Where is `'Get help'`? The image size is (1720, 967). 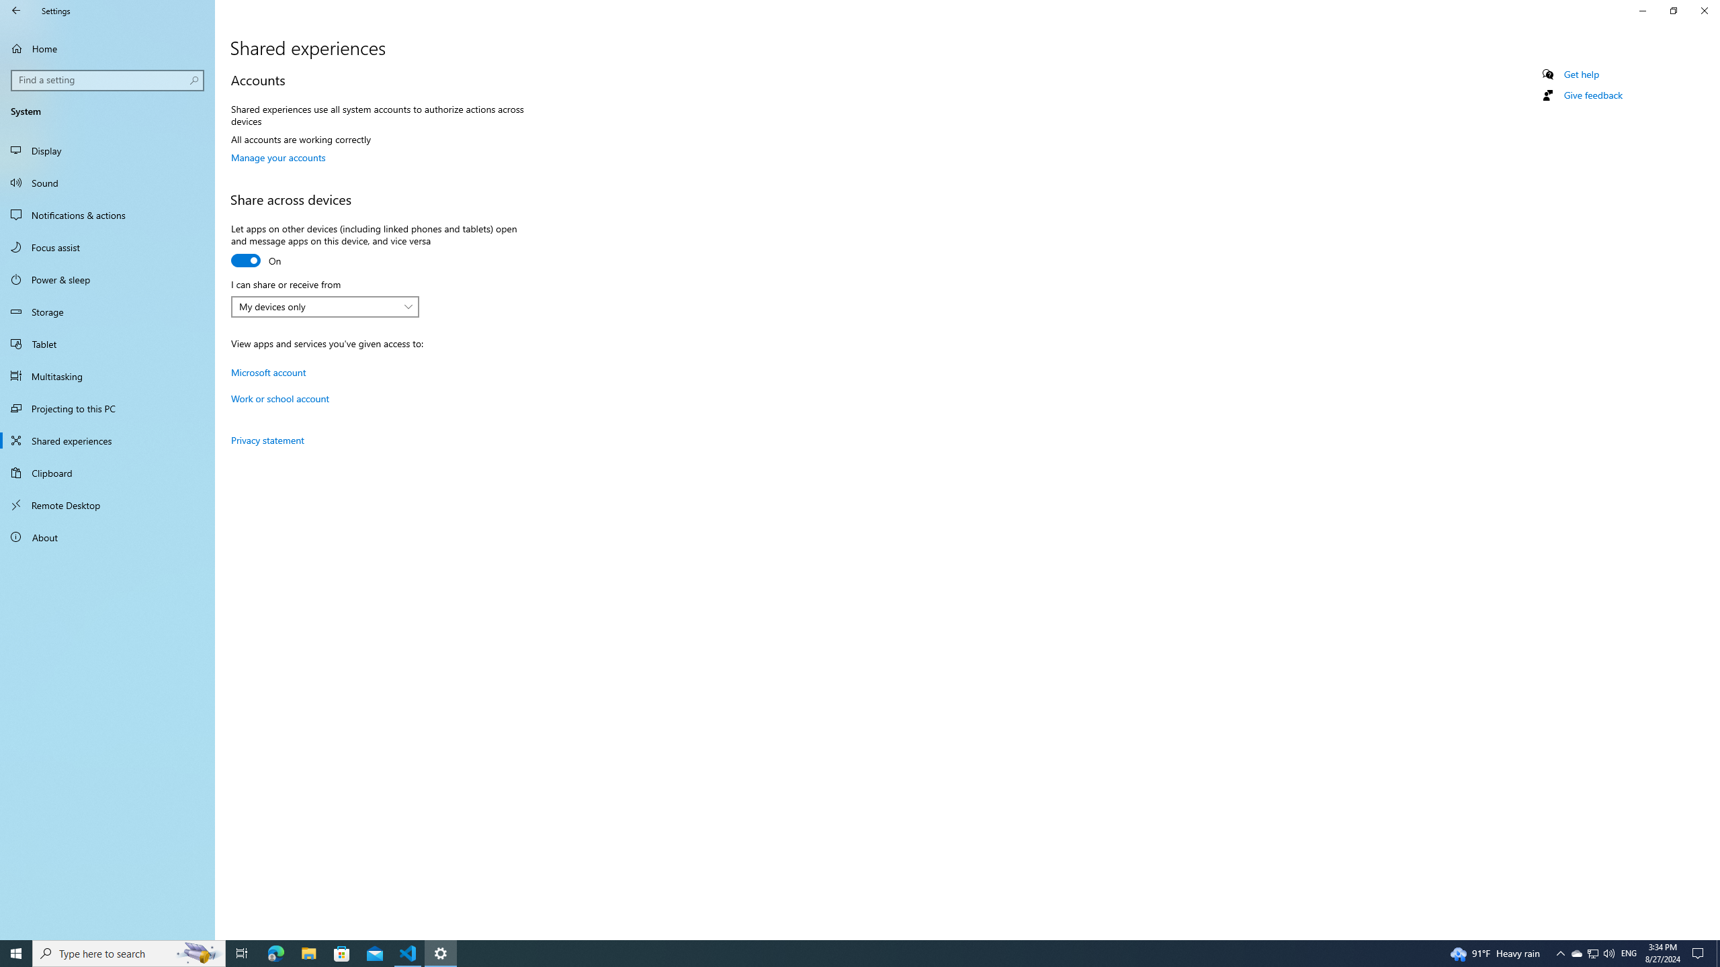
'Get help' is located at coordinates (1580, 74).